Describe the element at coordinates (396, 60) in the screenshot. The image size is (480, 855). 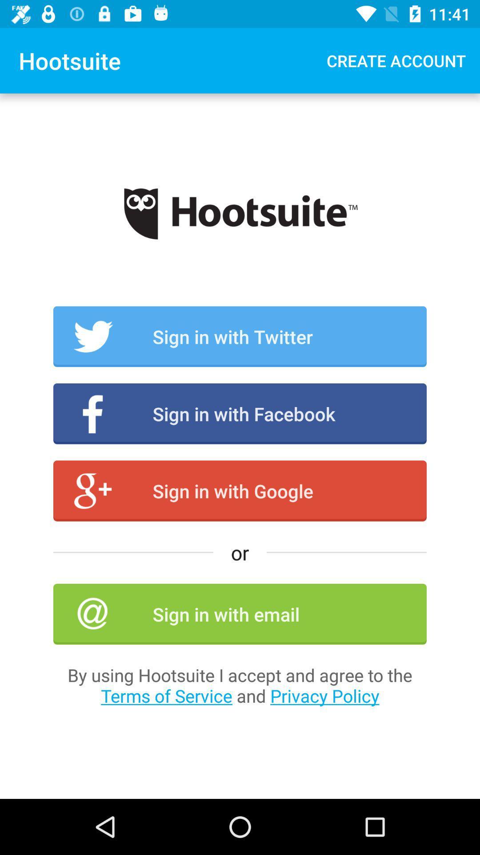
I see `the app next to the hootsuite item` at that location.